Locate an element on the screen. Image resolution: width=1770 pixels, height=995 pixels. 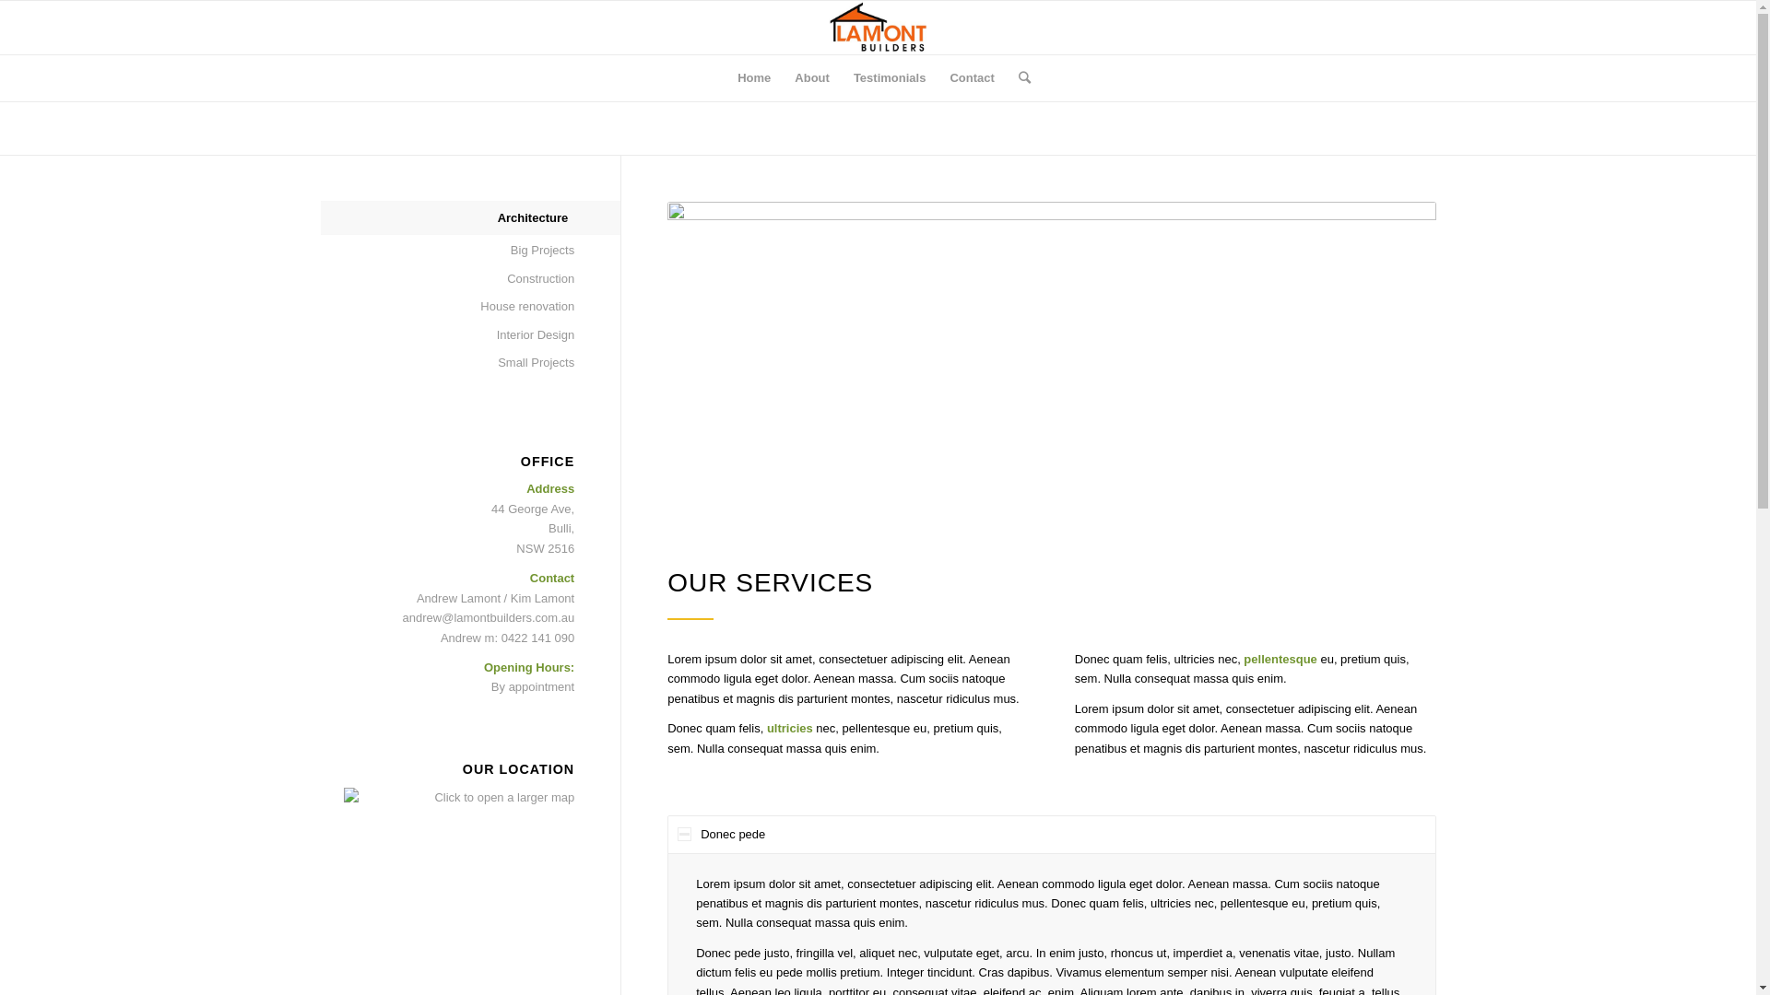
'Click to open a larger map' is located at coordinates (459, 796).